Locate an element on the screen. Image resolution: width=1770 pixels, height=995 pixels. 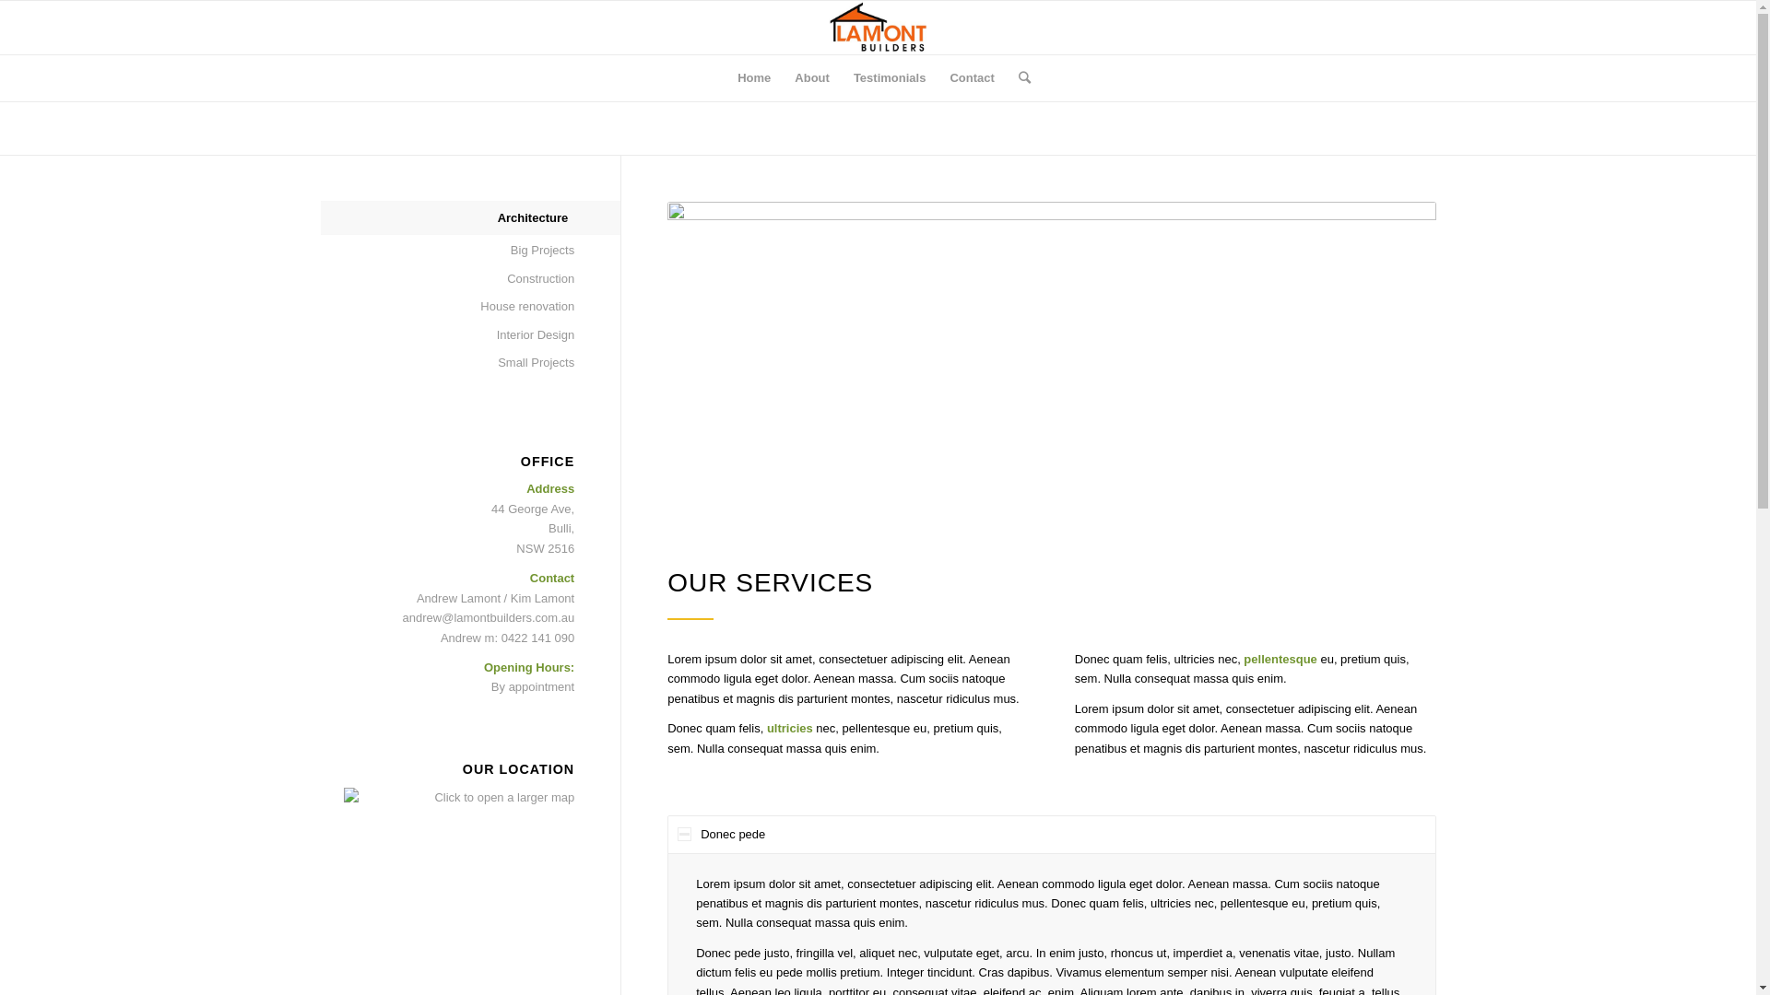
'Click to open a larger map' is located at coordinates (459, 796).